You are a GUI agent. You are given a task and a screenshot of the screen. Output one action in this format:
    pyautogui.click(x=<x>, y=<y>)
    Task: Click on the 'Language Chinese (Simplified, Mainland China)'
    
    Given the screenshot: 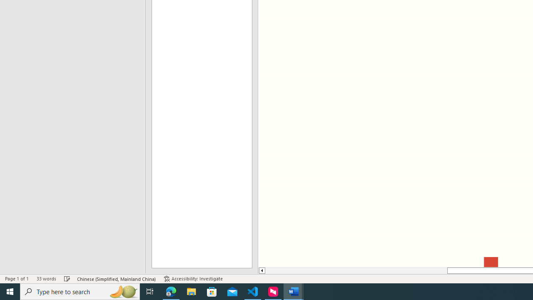 What is the action you would take?
    pyautogui.click(x=116, y=279)
    